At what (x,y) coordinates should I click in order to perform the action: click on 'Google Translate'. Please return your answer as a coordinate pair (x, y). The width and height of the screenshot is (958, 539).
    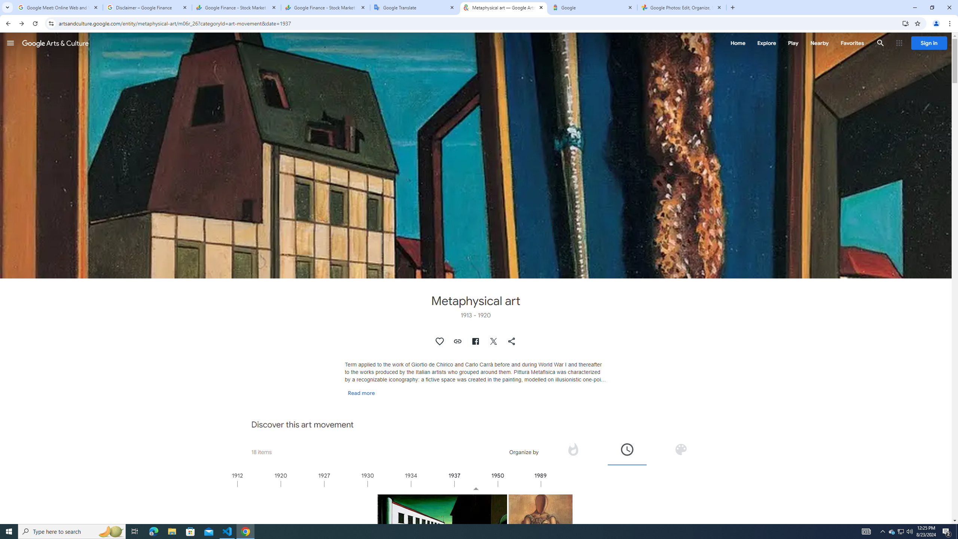
    Looking at the image, I should click on (415, 7).